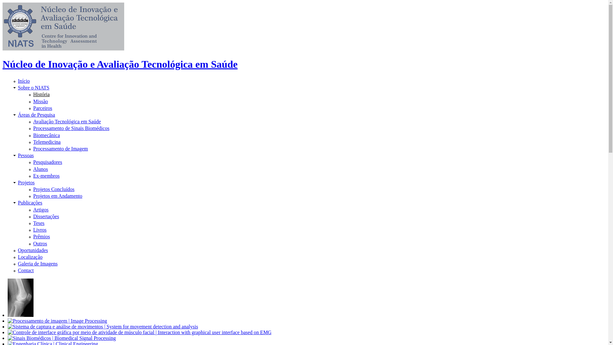 This screenshot has width=613, height=345. I want to click on 'Projetos em Andamento', so click(58, 195).